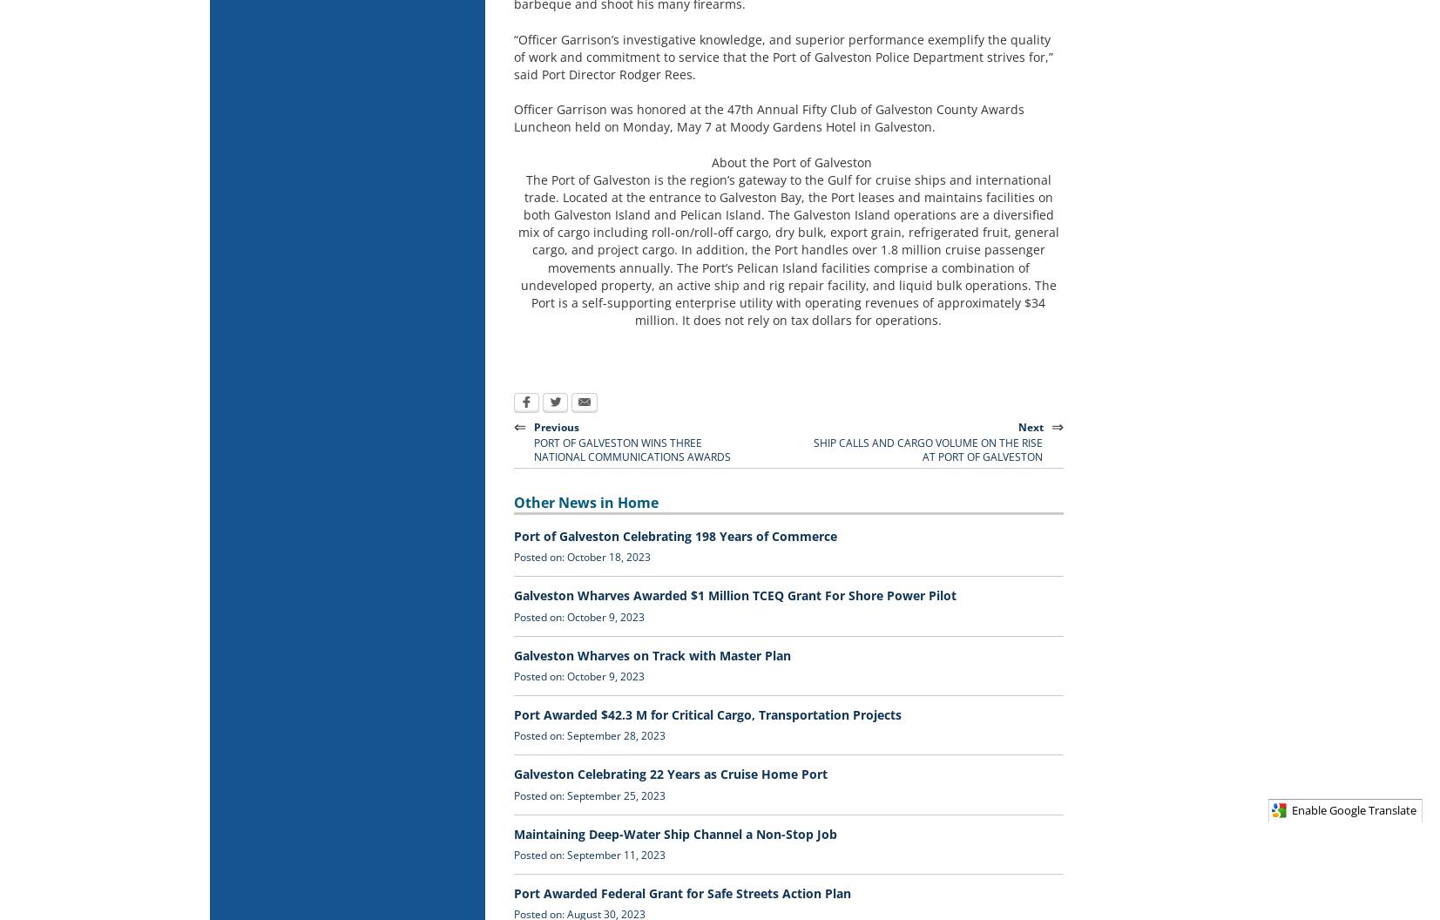 This screenshot has height=920, width=1440. Describe the element at coordinates (581, 556) in the screenshot. I see `'Posted on: October 18, 2023'` at that location.